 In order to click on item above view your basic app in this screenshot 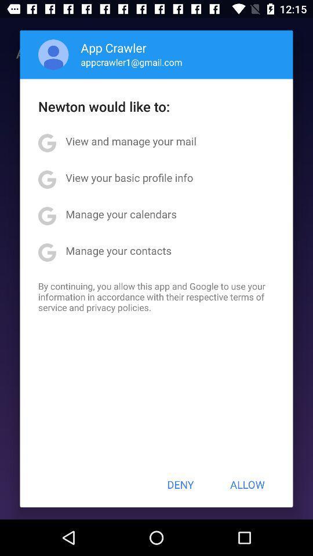, I will do `click(130, 140)`.